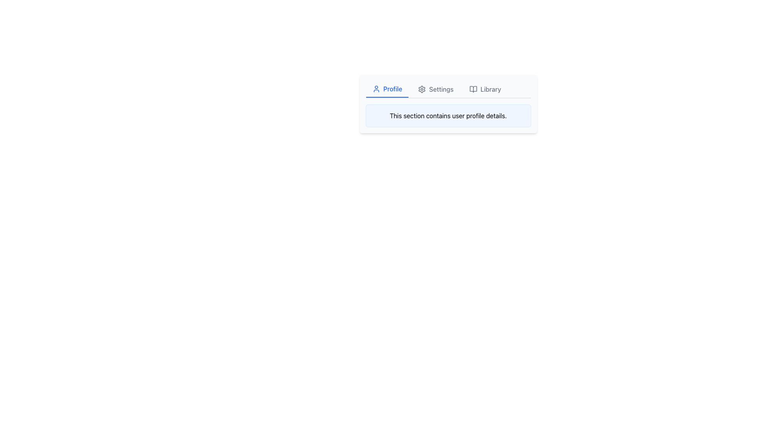 The image size is (760, 427). Describe the element at coordinates (490, 89) in the screenshot. I see `the static text element labeled 'Library', which is styled in a neutral color and positioned within a tab-like interface at the upper-right area of the layout` at that location.